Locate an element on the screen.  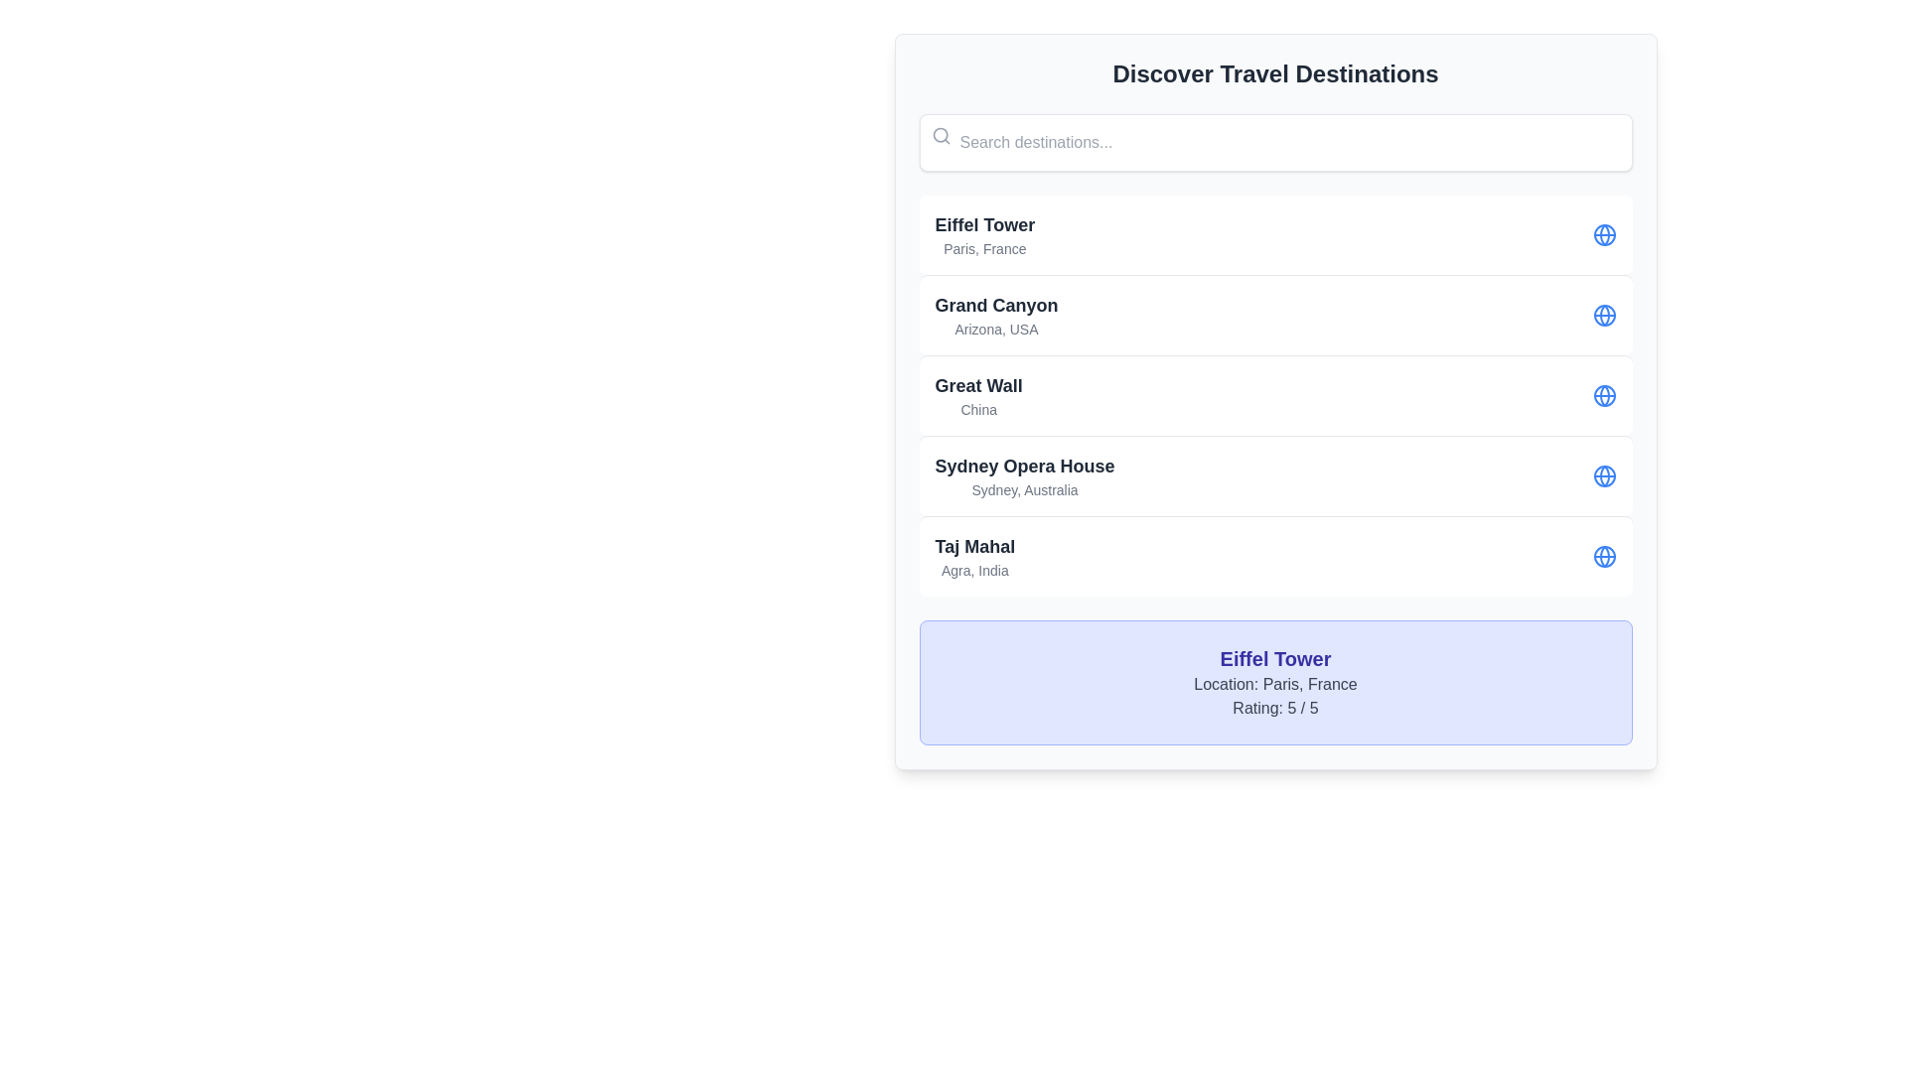
the content of the Information card displaying the Eiffel Tower, which is the sixth card in the travel destinations overview is located at coordinates (1275, 681).